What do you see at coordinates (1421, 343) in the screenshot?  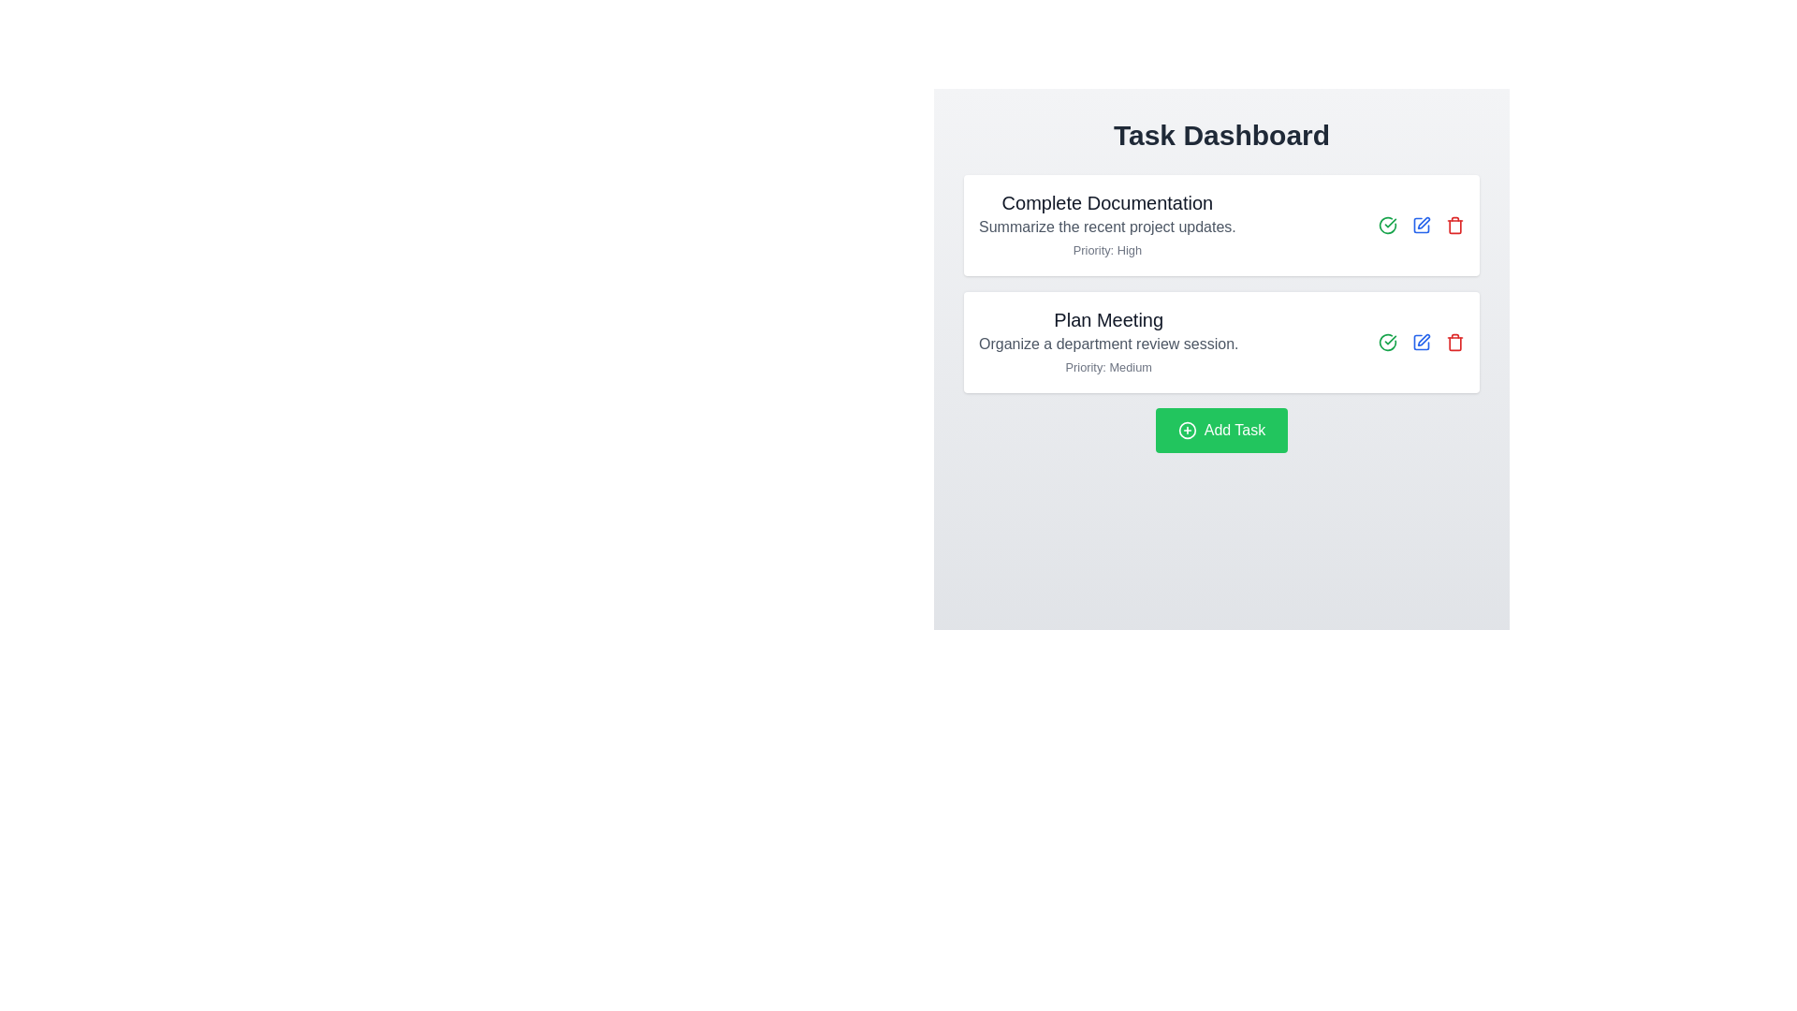 I see `the blue pencil icon representing the edit function, positioned between the green checkmark icon and the red trashcan icon next to the 'Plan Meeting' task` at bounding box center [1421, 343].